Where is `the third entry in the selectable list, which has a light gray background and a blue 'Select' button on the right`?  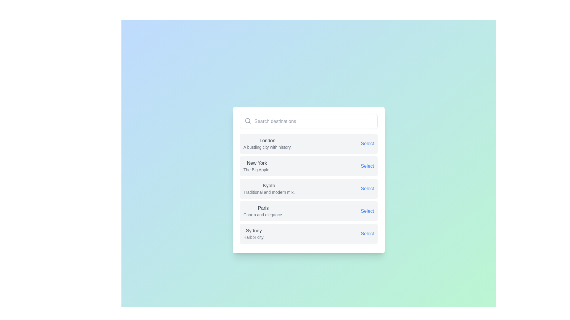 the third entry in the selectable list, which has a light gray background and a blue 'Select' button on the right is located at coordinates (309, 180).